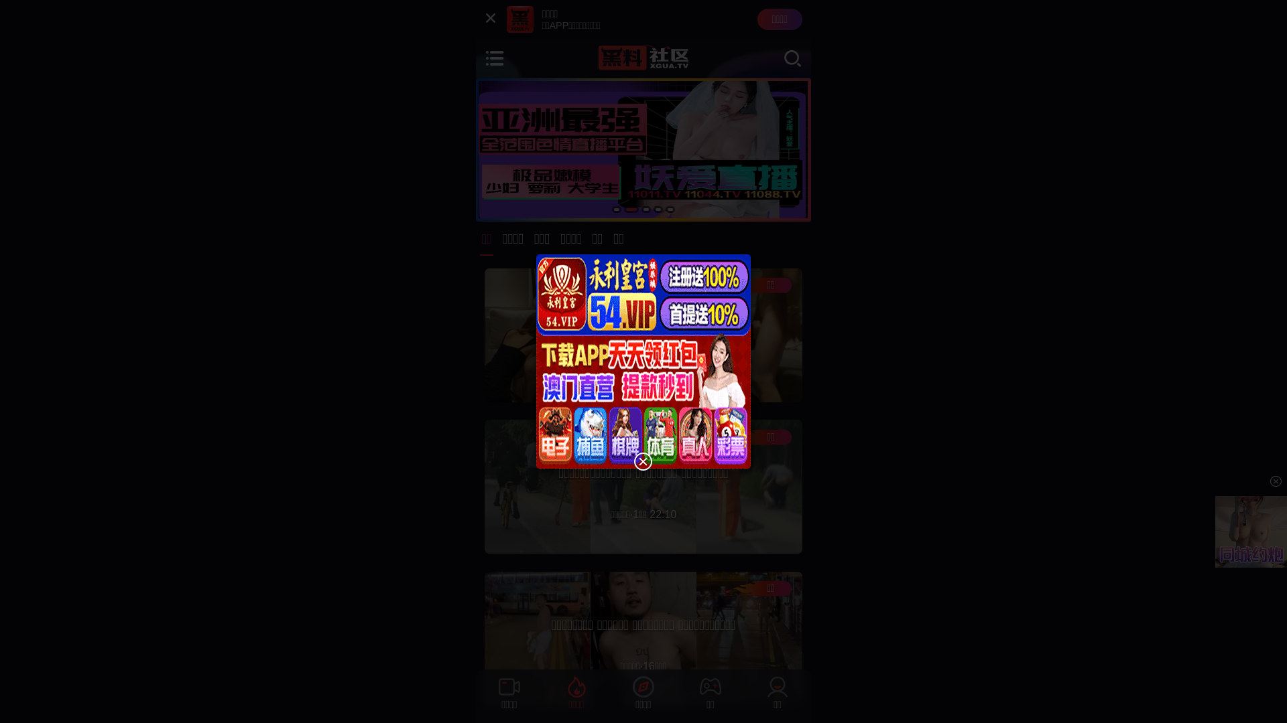  Describe the element at coordinates (670, 209) in the screenshot. I see `'5'` at that location.